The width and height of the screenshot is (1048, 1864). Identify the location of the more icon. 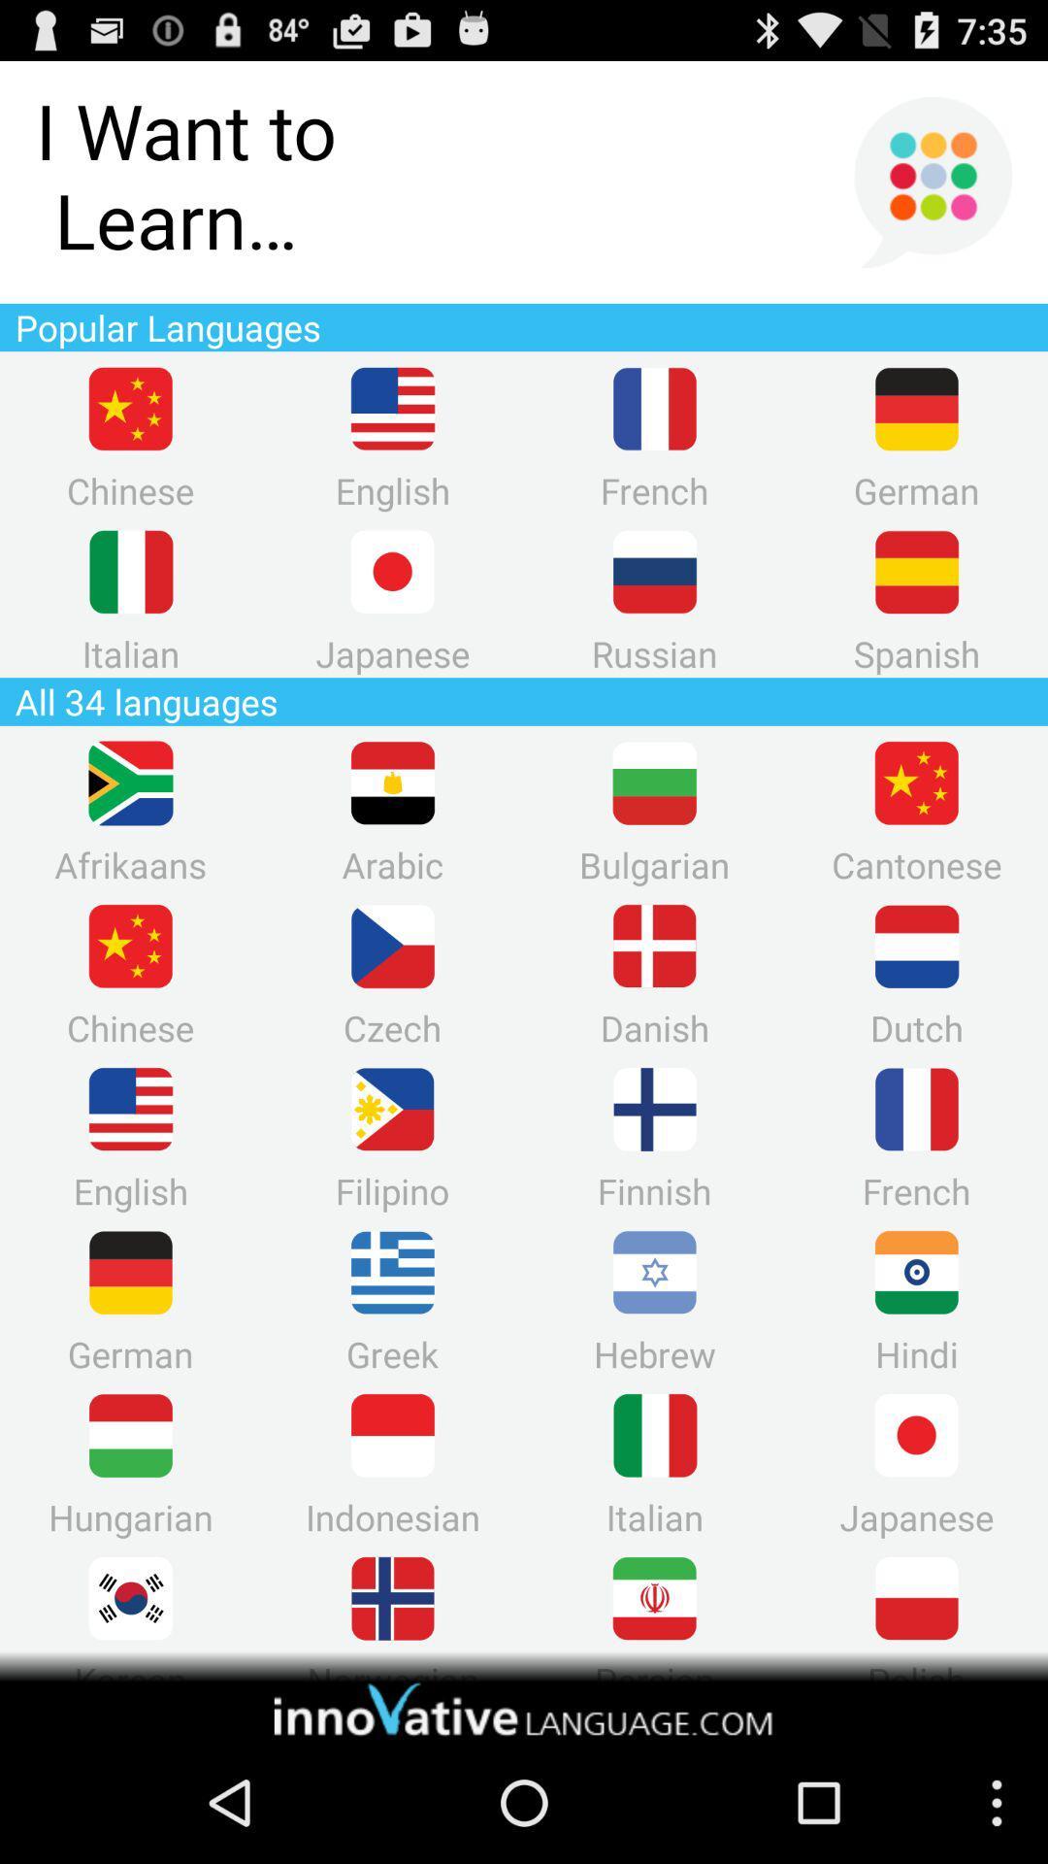
(393, 437).